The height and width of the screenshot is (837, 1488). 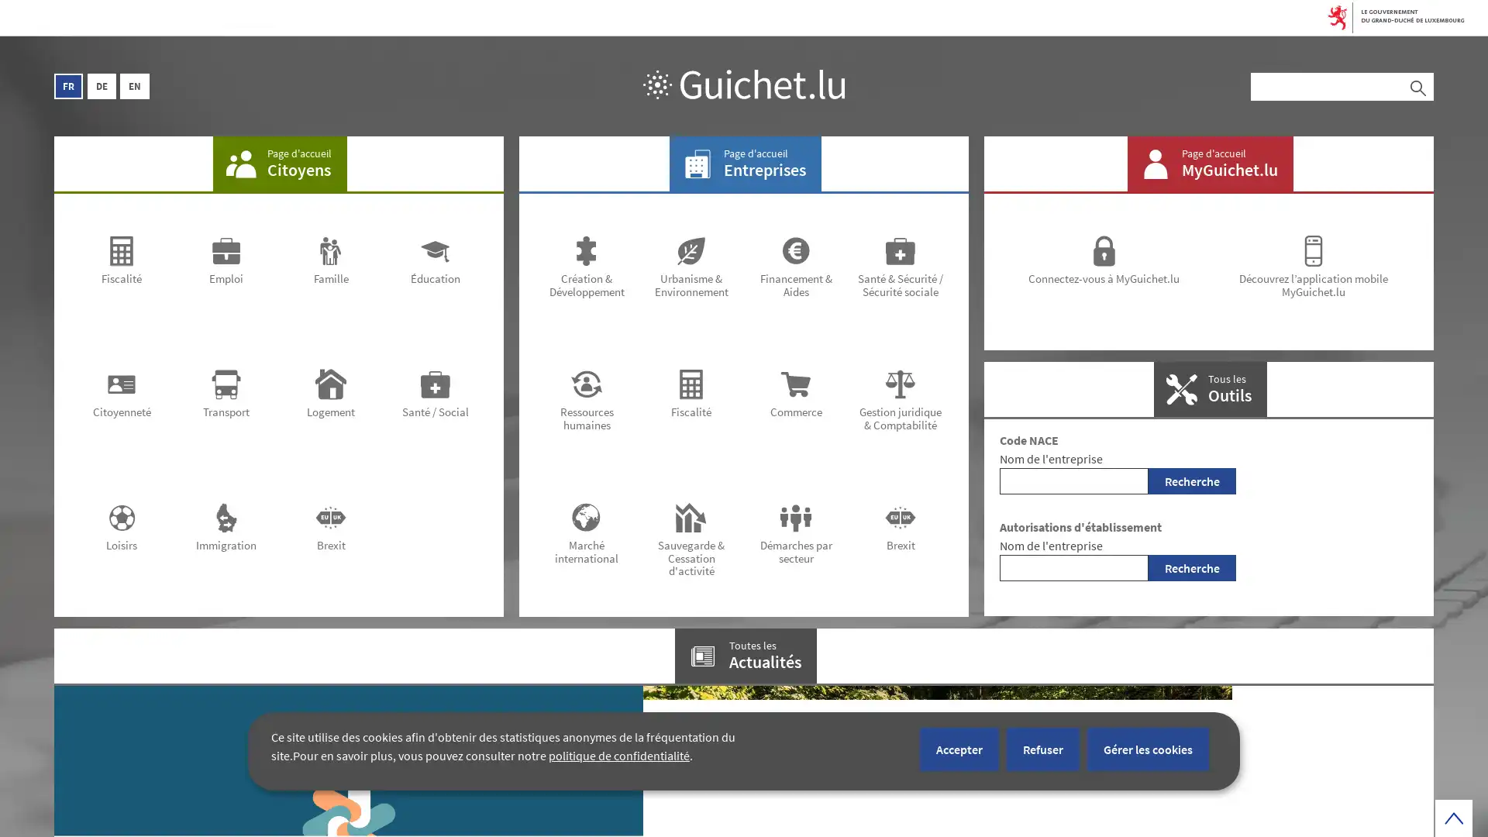 I want to click on Recherche, so click(x=1190, y=567).